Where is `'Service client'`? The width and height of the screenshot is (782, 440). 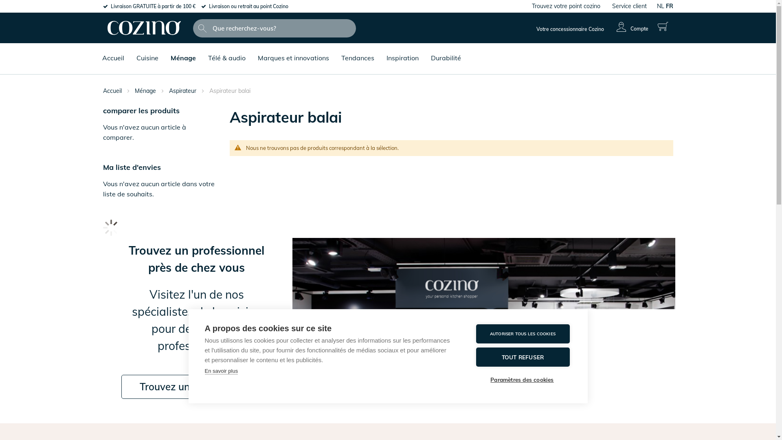
'Service client' is located at coordinates (628, 6).